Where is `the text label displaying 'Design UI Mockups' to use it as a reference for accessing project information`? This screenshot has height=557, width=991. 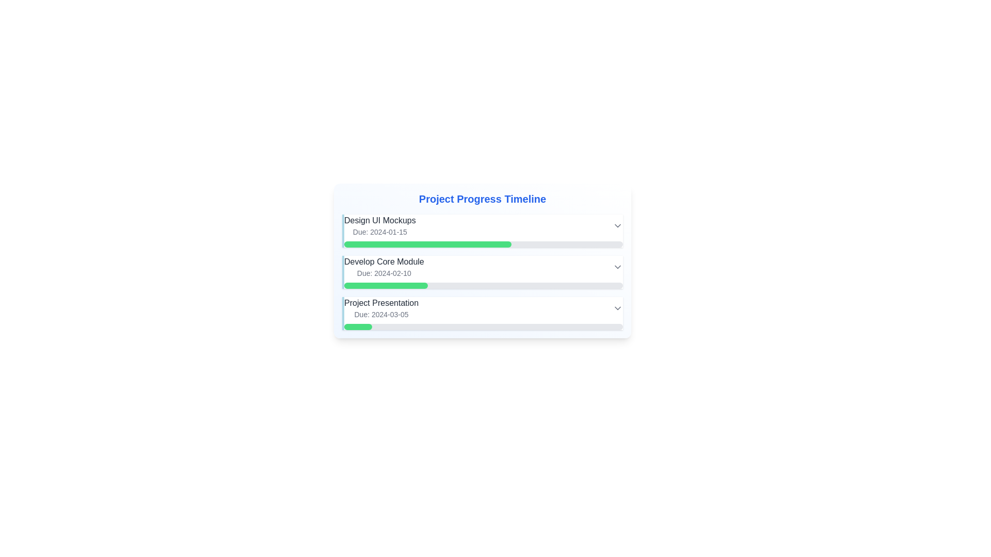 the text label displaying 'Design UI Mockups' to use it as a reference for accessing project information is located at coordinates (379, 220).